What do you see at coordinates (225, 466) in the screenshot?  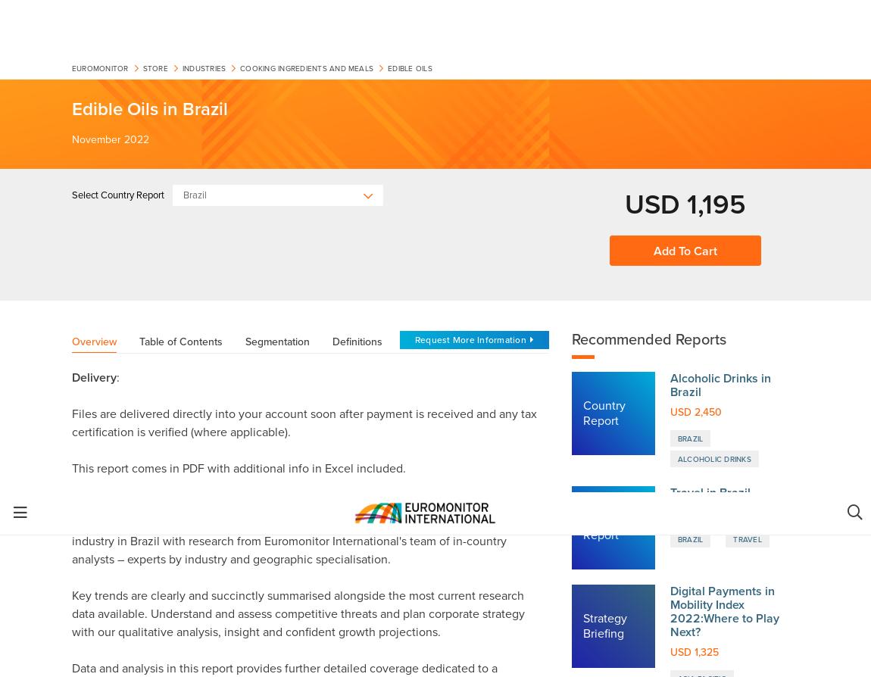 I see `'What is the market size of Edible Oils in Brazil?'` at bounding box center [225, 466].